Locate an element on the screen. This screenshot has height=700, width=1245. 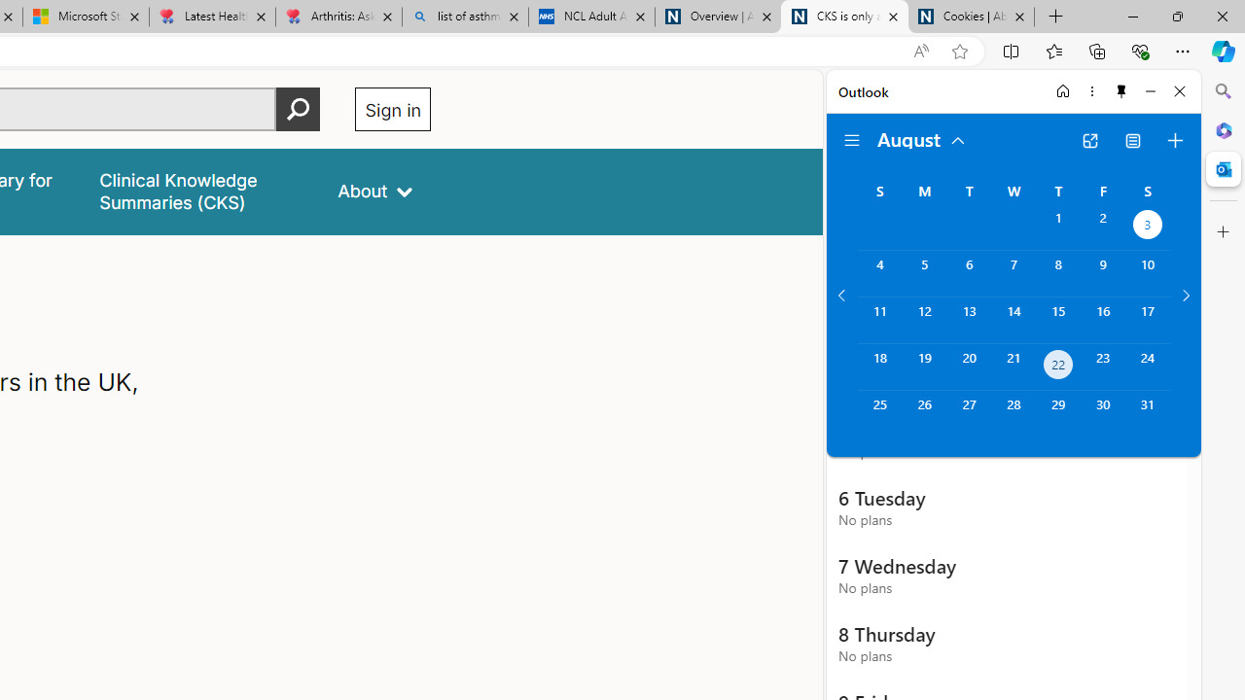
'Friday, August 9, 2024. ' is located at coordinates (1103, 273).